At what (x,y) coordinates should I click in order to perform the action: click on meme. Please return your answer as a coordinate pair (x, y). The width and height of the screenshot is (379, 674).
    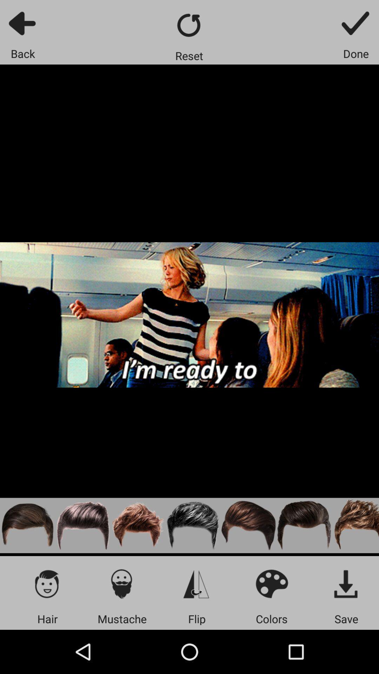
    Looking at the image, I should click on (356, 23).